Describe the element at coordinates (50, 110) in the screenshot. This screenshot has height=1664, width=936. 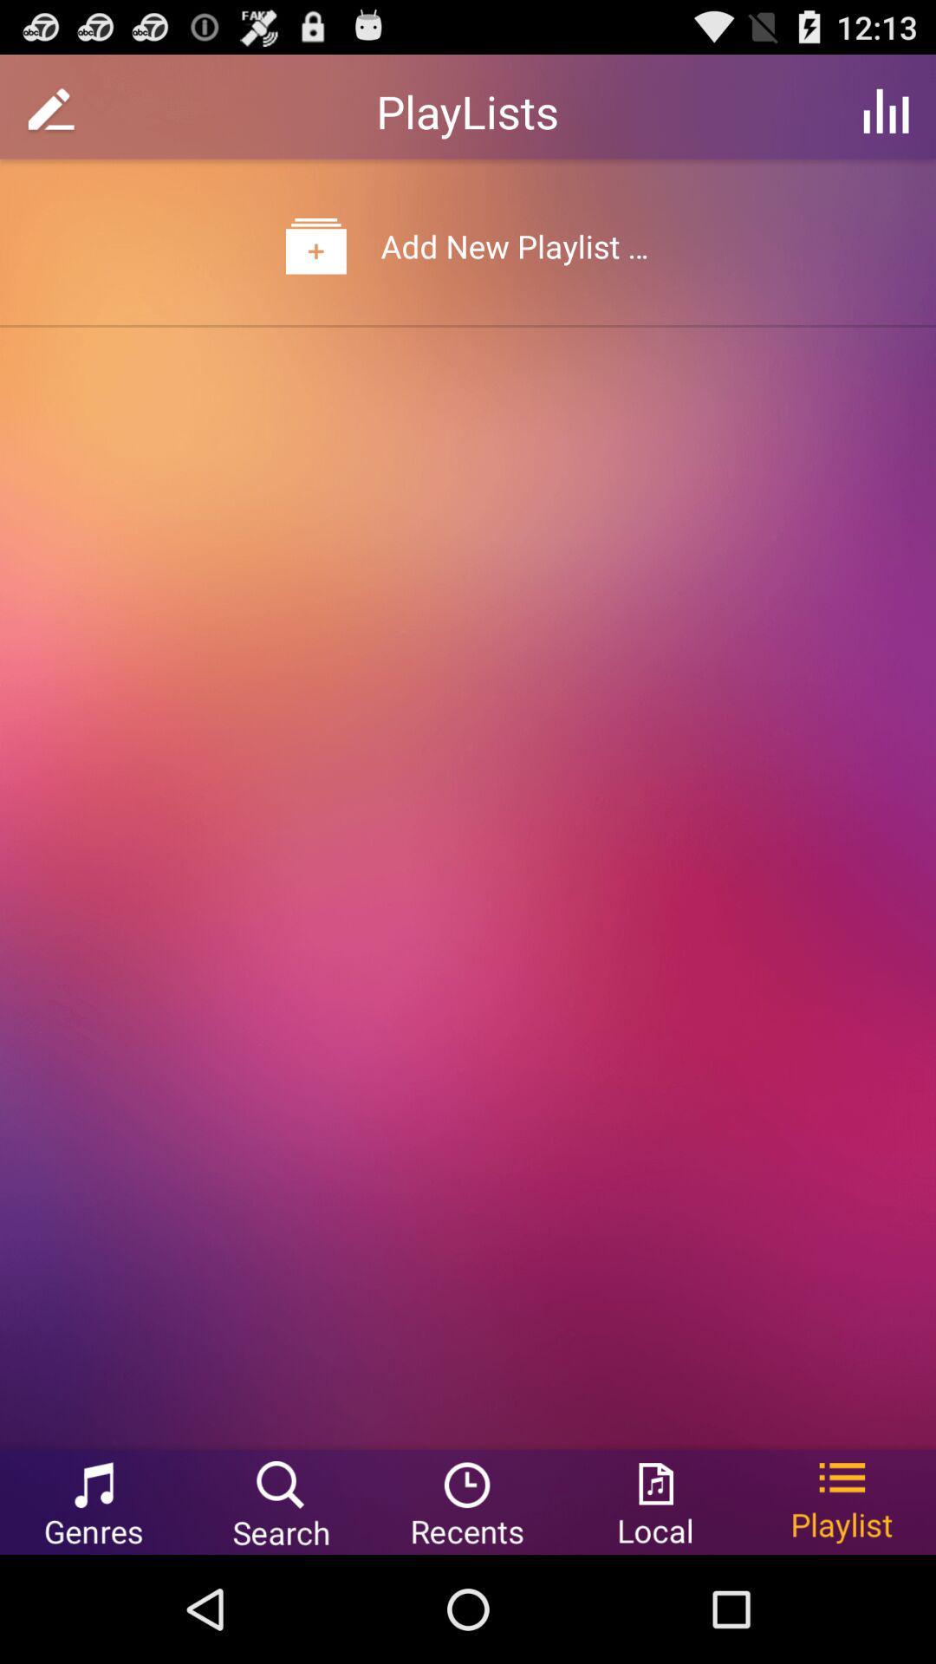
I see `the icon at the top left corner` at that location.